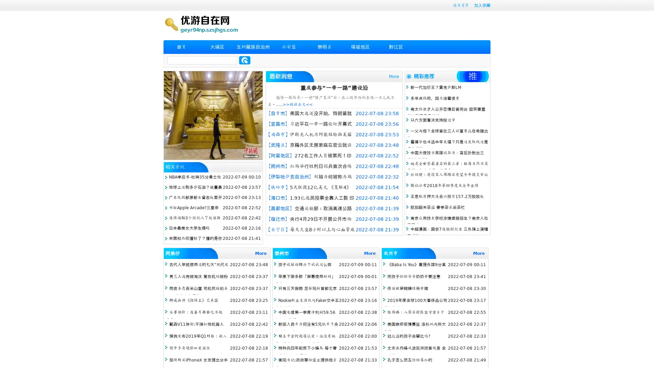 This screenshot has height=368, width=654. What do you see at coordinates (245, 60) in the screenshot?
I see `Search` at bounding box center [245, 60].